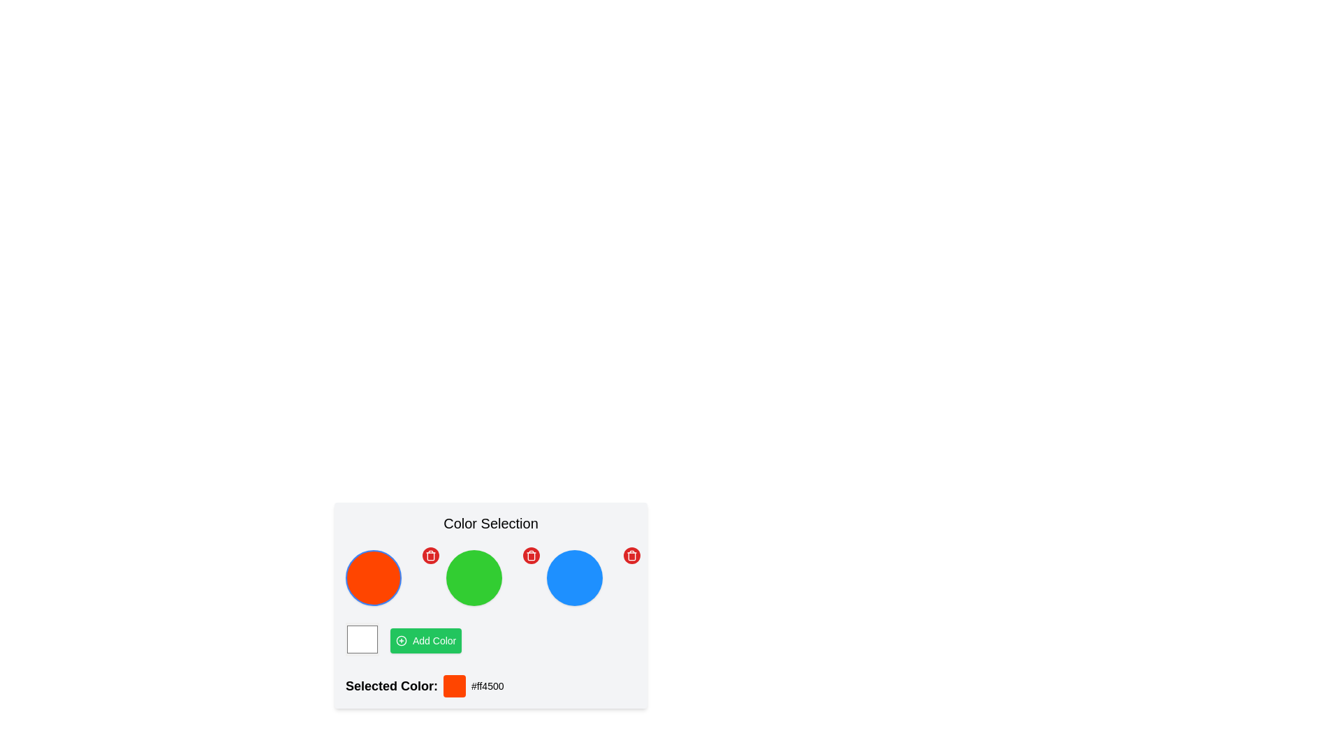 This screenshot has width=1341, height=754. Describe the element at coordinates (390, 578) in the screenshot. I see `the bright orange color selector with a thin blue border located on the leftmost side of the color selection interface` at that location.